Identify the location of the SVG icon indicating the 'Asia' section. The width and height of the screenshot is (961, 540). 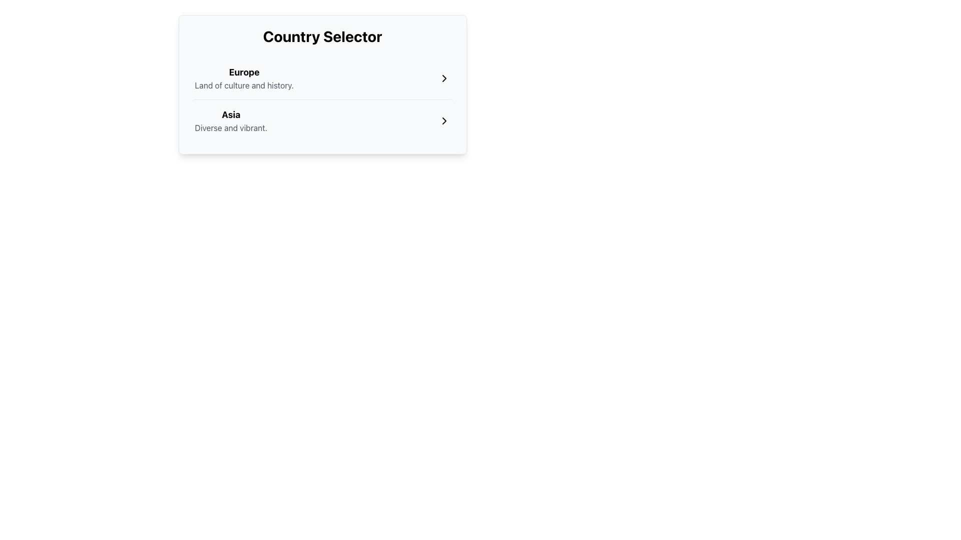
(443, 120).